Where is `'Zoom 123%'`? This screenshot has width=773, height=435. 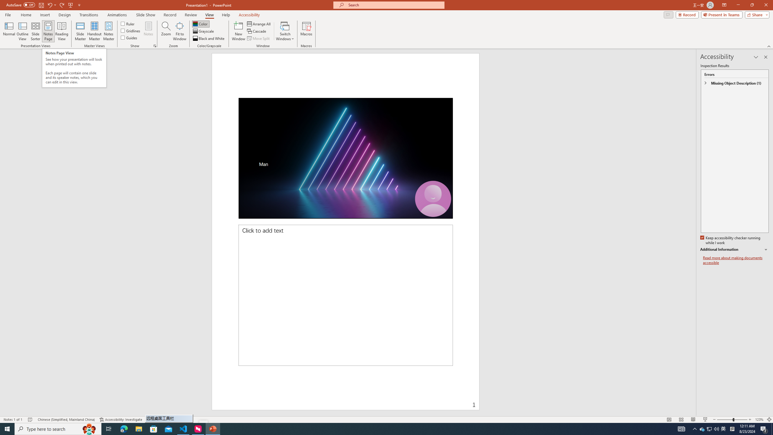
'Zoom 123%' is located at coordinates (759, 420).